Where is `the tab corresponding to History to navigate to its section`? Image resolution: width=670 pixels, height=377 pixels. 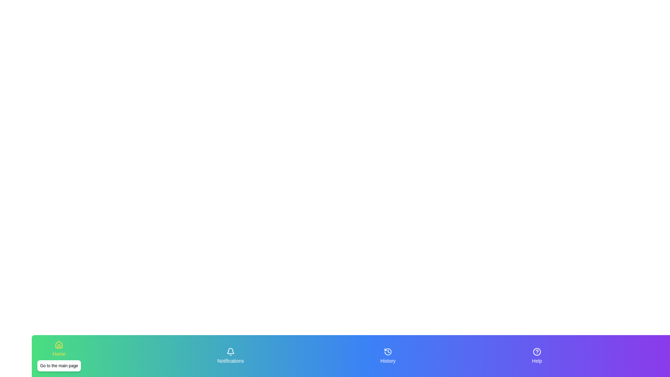
the tab corresponding to History to navigate to its section is located at coordinates (388, 356).